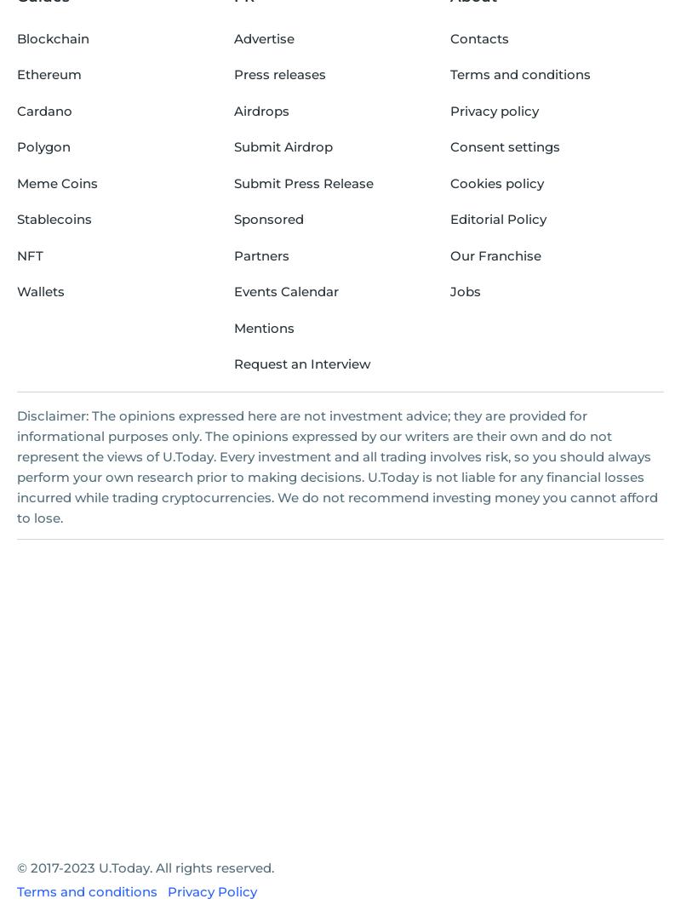 The height and width of the screenshot is (916, 681). I want to click on 'Privacy policy', so click(494, 109).